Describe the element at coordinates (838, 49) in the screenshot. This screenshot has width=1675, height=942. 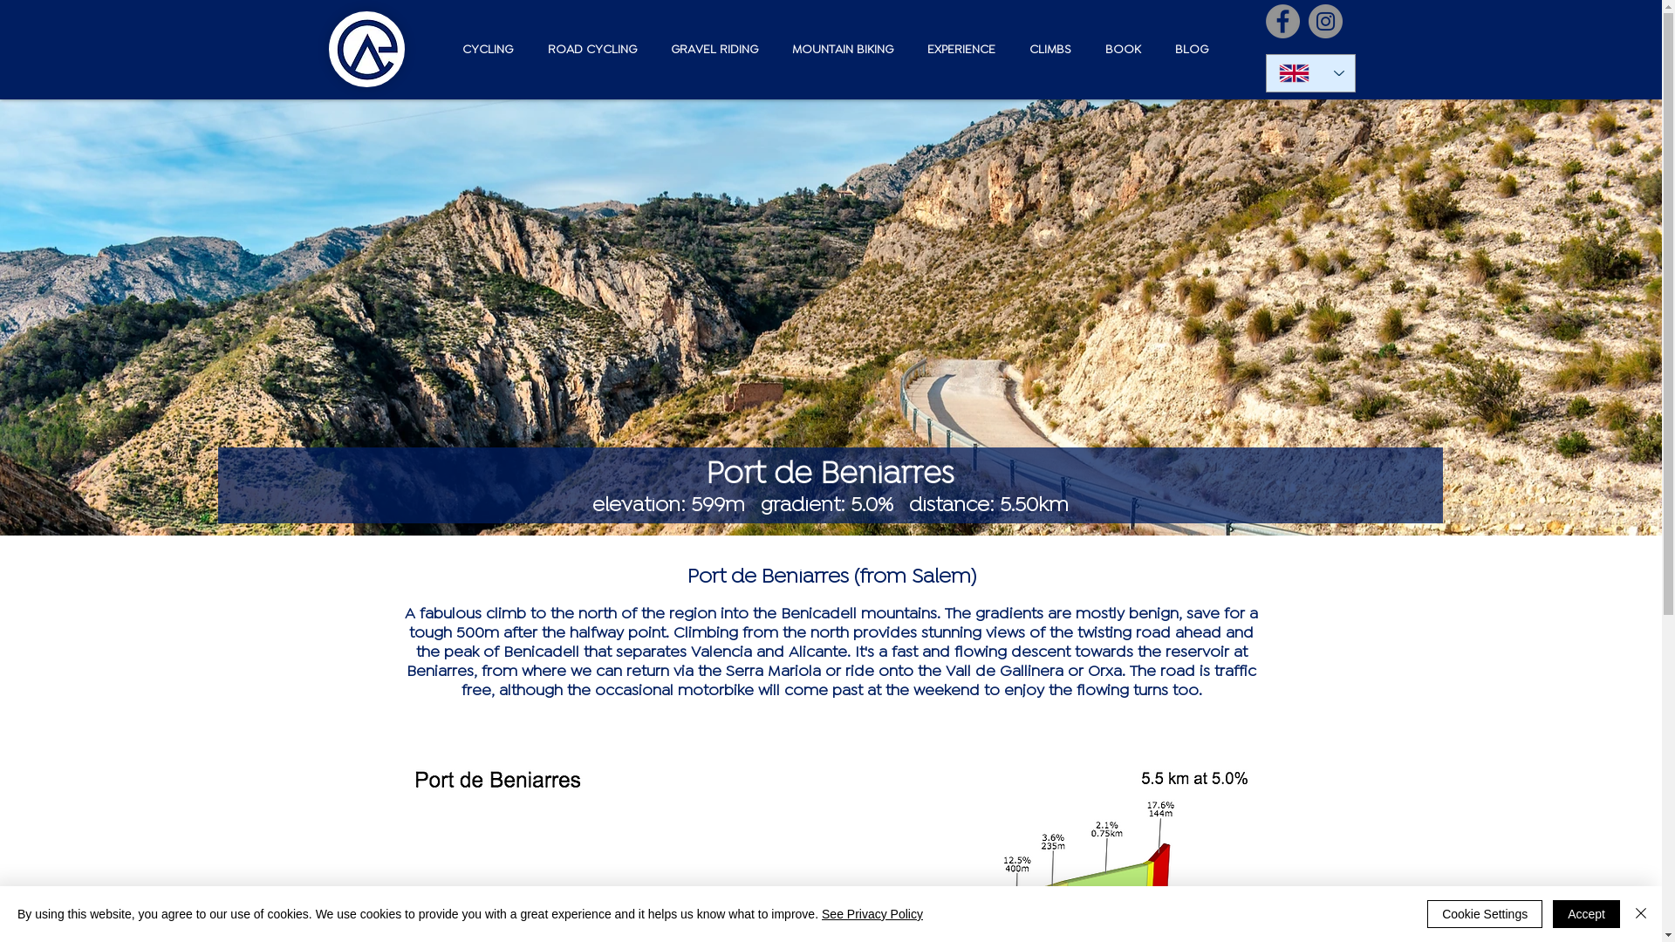
I see `'MOUNTAIN BIKING'` at that location.